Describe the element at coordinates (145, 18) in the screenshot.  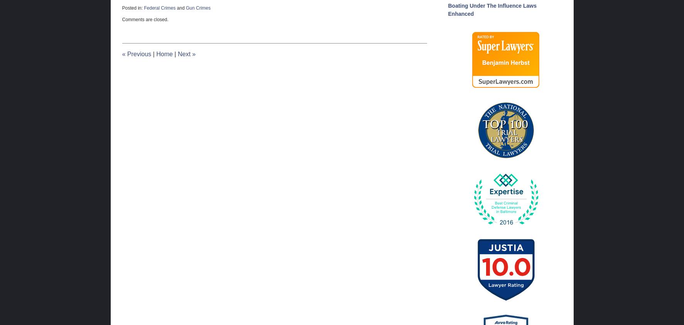
I see `'Comments are closed.'` at that location.